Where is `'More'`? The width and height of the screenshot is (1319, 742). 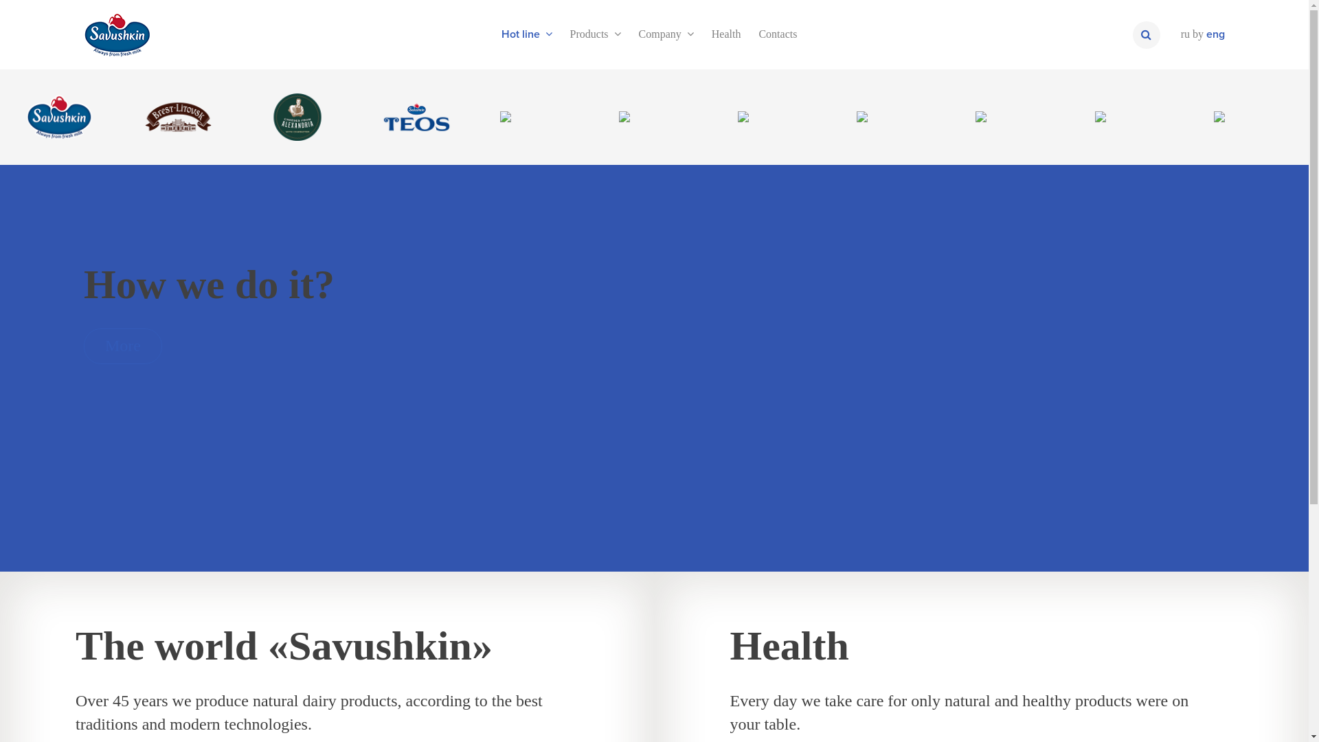 'More' is located at coordinates (82, 346).